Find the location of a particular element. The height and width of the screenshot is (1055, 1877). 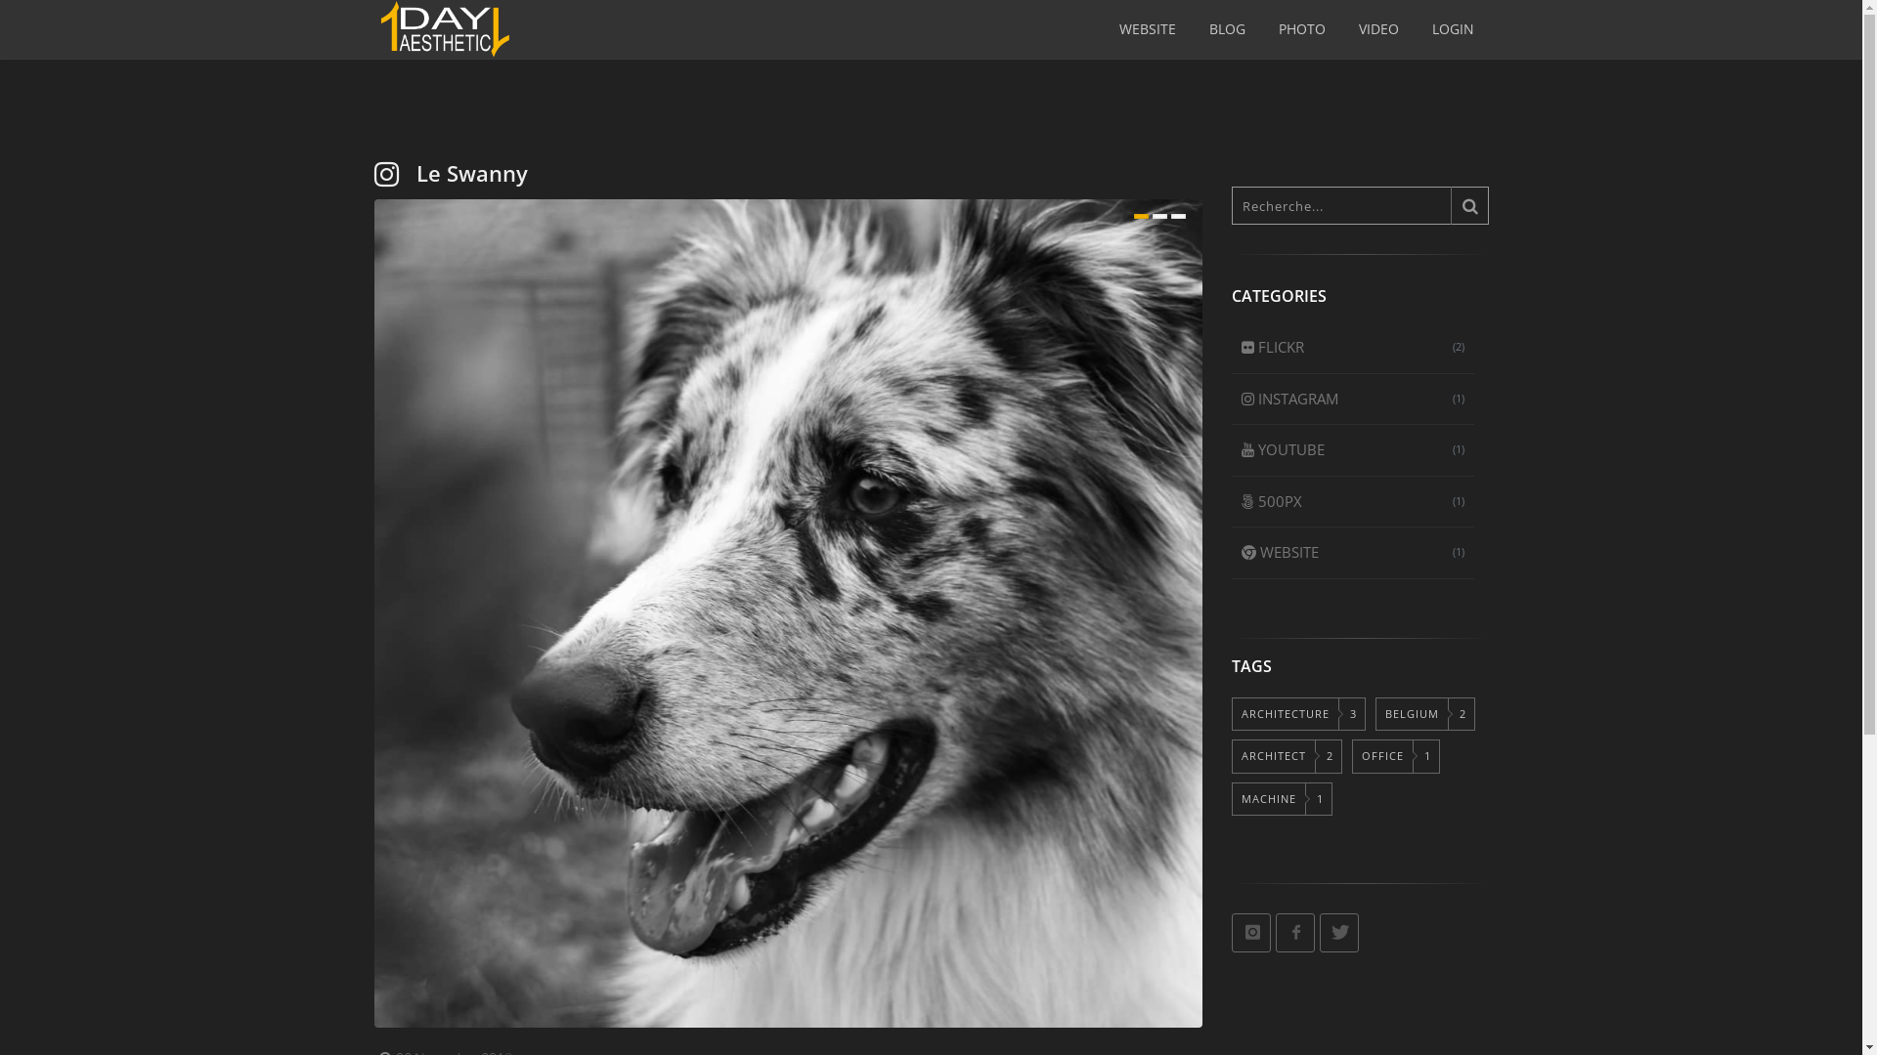

'3' is located at coordinates (1177, 216).